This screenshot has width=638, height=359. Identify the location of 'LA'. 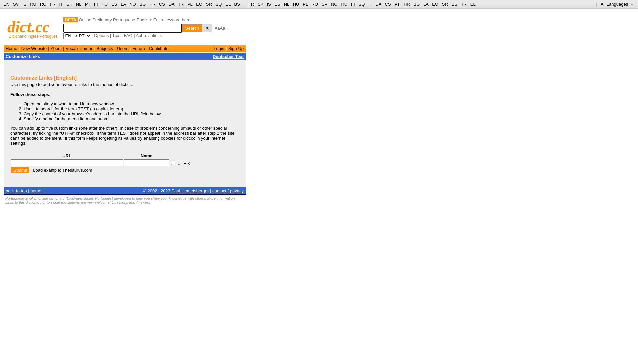
(426, 4).